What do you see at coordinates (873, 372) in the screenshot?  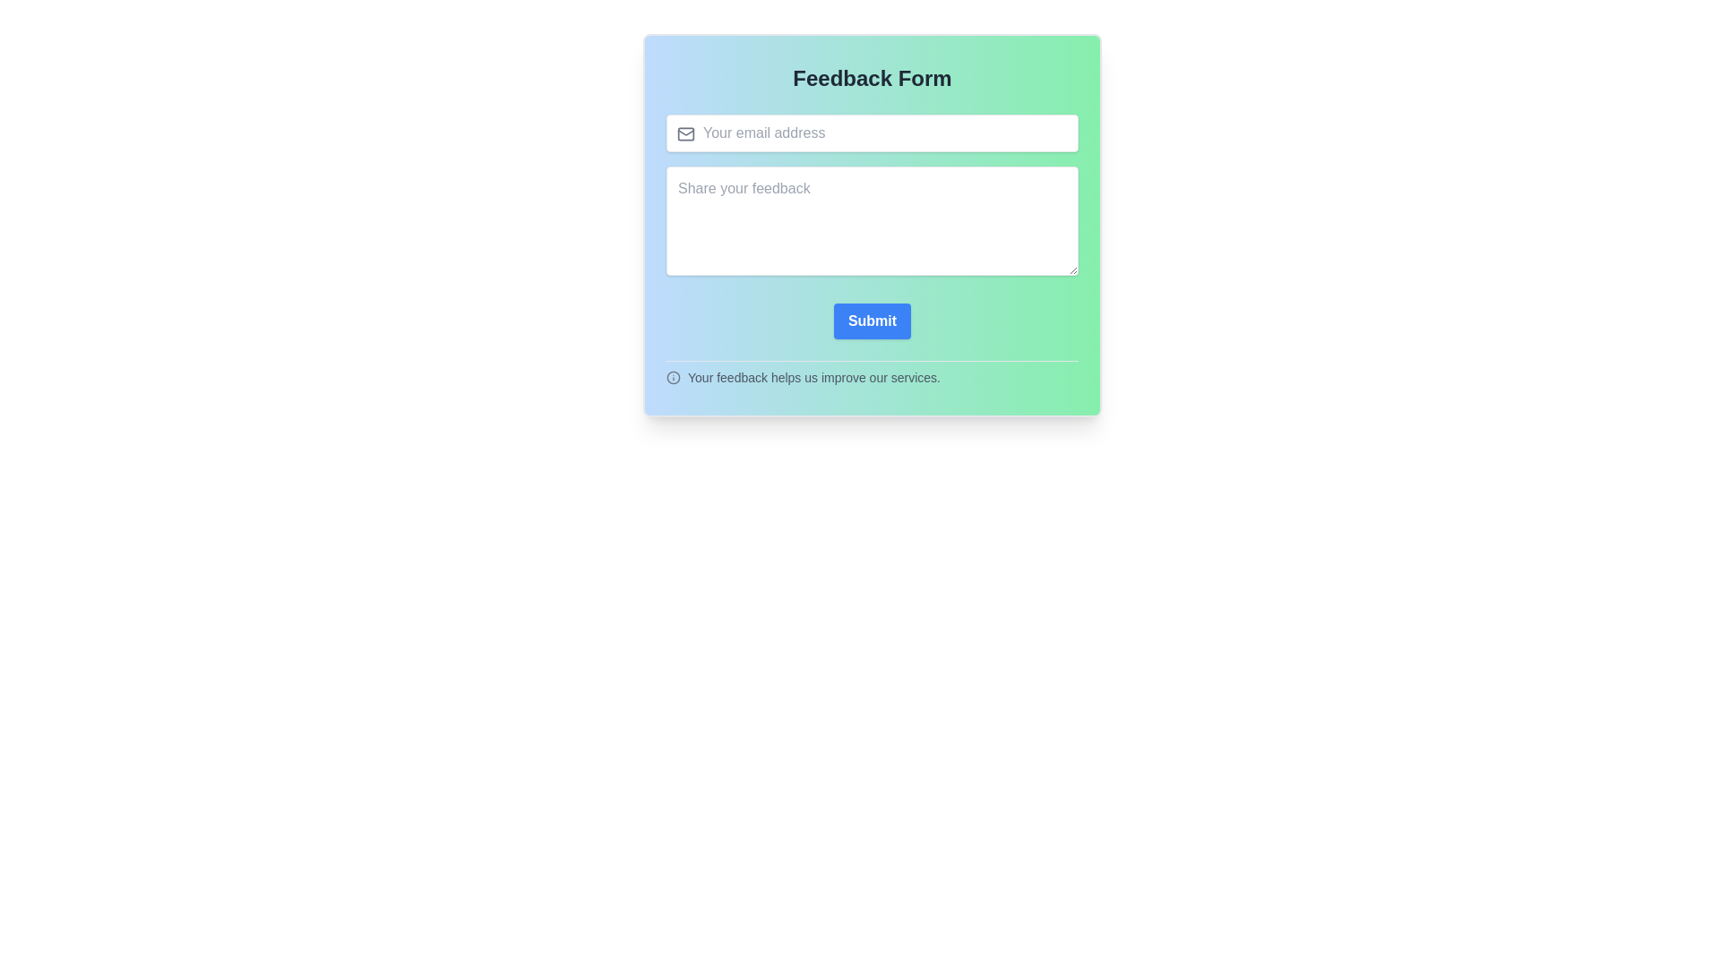 I see `informational text with a small gray font and an accompanying circular icon containing an information symbol, located directly below the 'Submit' button in the feedback form` at bounding box center [873, 372].